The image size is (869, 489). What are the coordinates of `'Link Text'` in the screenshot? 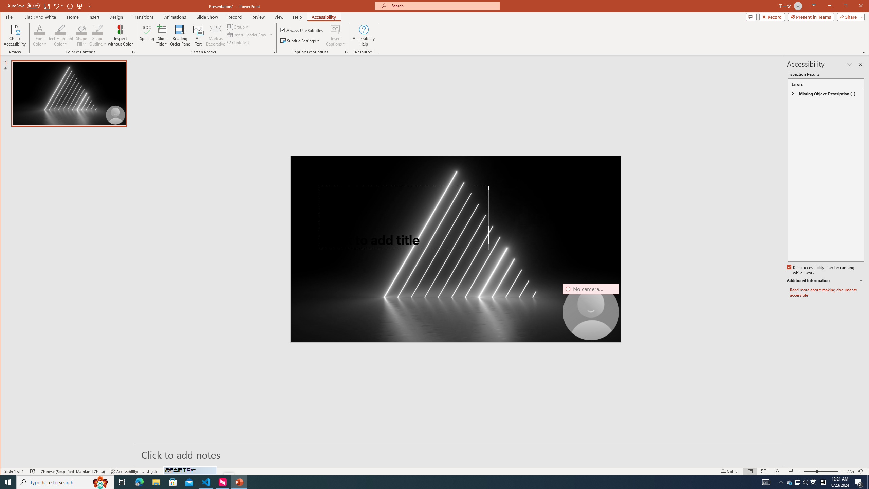 It's located at (238, 42).